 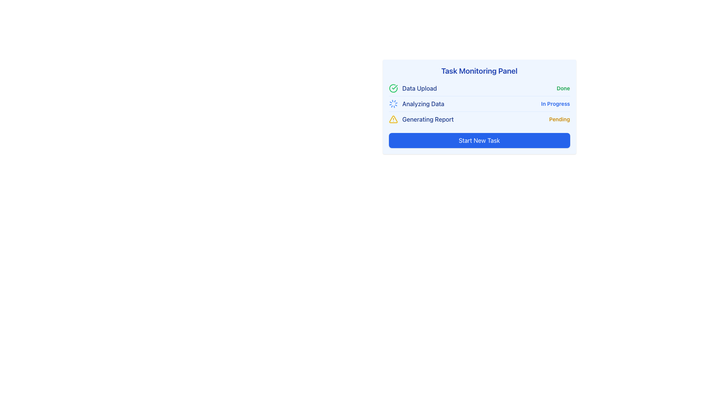 I want to click on the 'Initiate New Task' button located at the bottom of the 'Task Monitoring Panel' for keyboard navigation, so click(x=479, y=140).